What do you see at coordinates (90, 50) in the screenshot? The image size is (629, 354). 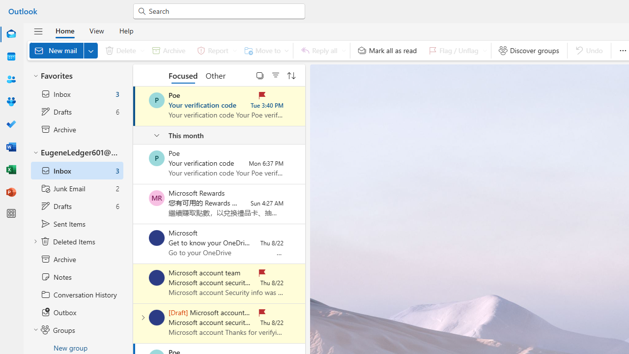 I see `'Expand to see more New options'` at bounding box center [90, 50].